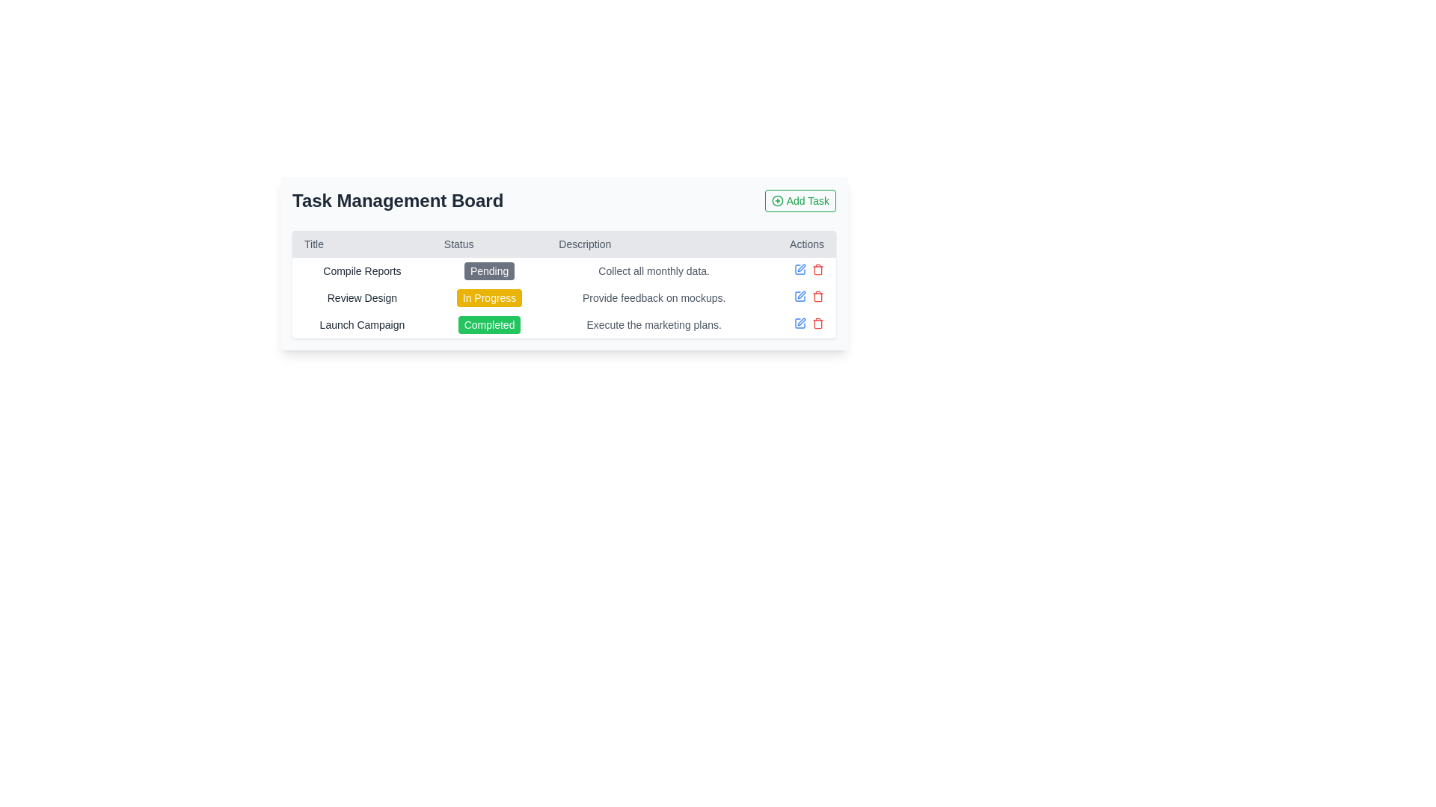  What do you see at coordinates (654, 297) in the screenshot?
I see `the text label that reads 'Provide feedback on mockups.' which is styled in small gray text and aligned to the left in the 'Description' column under 'Review Design'` at bounding box center [654, 297].